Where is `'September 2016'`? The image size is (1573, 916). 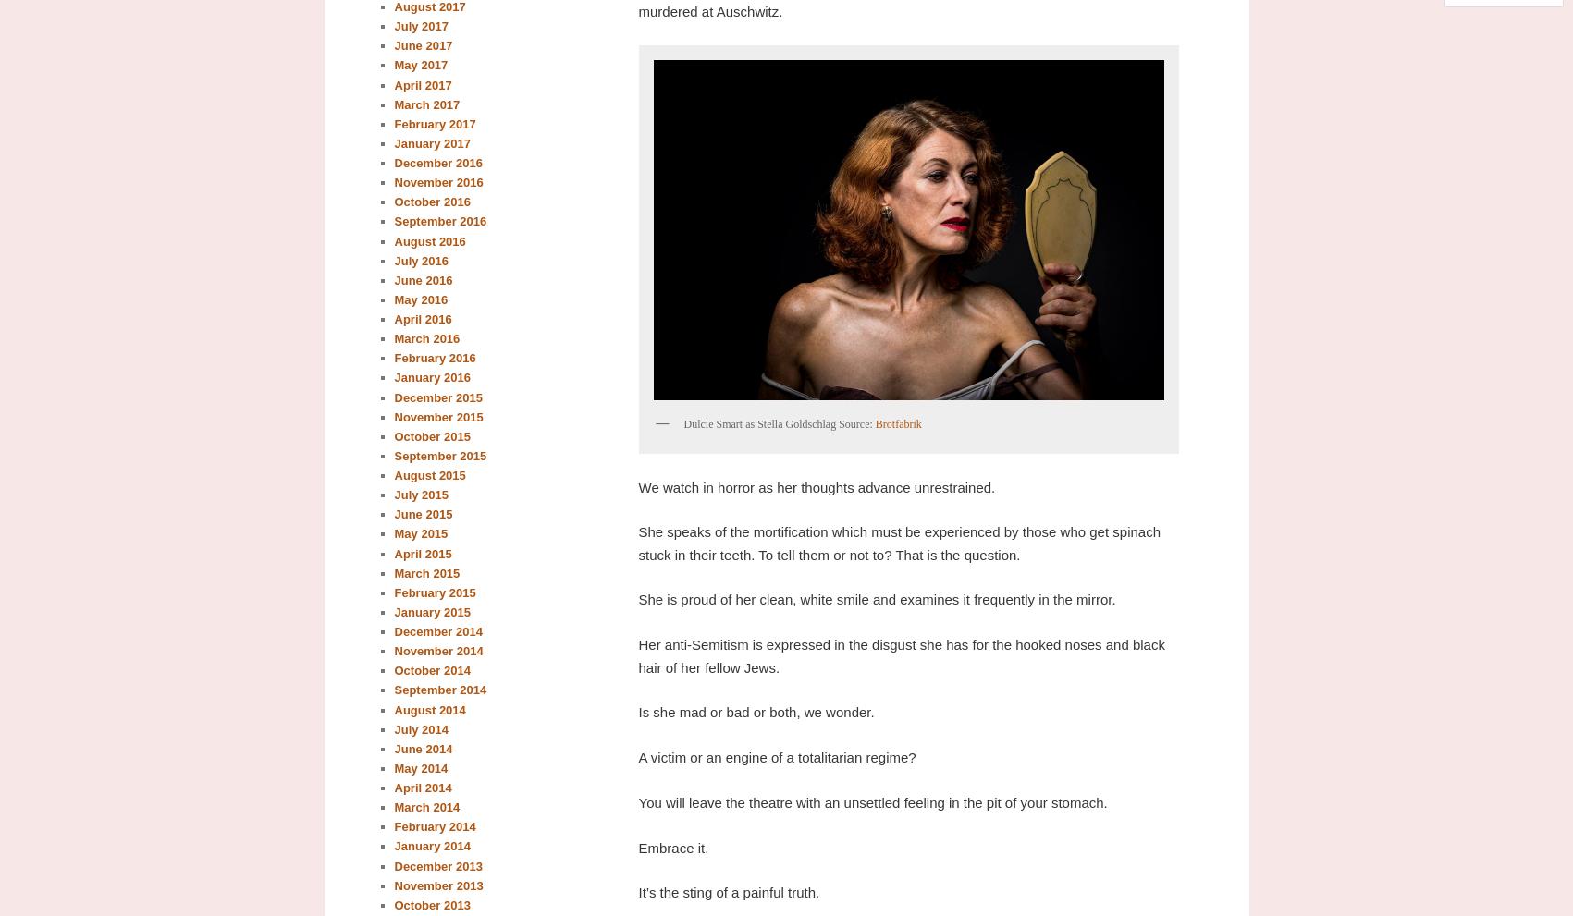 'September 2016' is located at coordinates (438, 221).